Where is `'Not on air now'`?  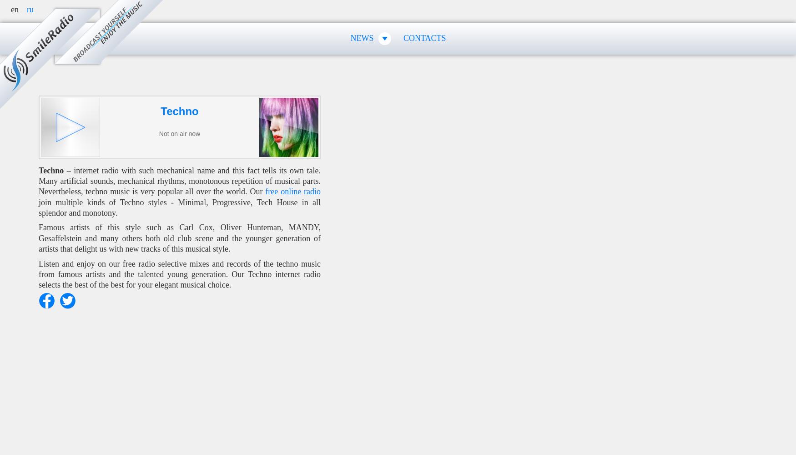
'Not on air now' is located at coordinates (158, 134).